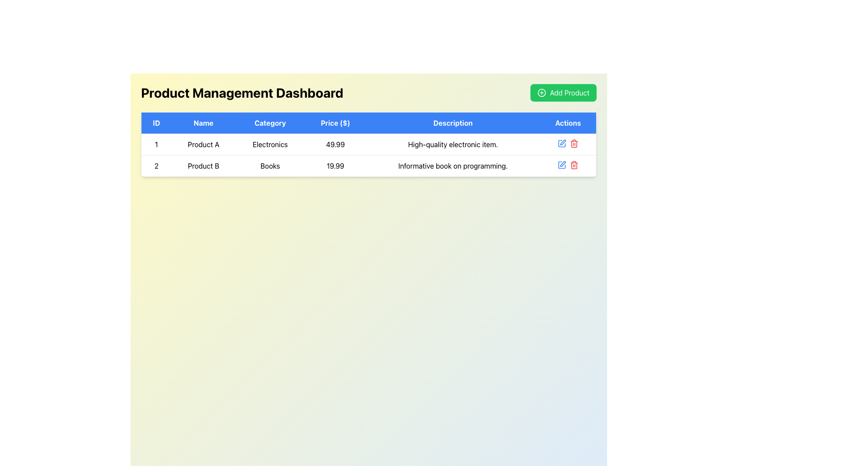 This screenshot has width=841, height=473. I want to click on the text label displaying 'Informative book on programming.' in the 'Description' column of the second row of the table in the 'Product Management Dashboard.', so click(453, 166).